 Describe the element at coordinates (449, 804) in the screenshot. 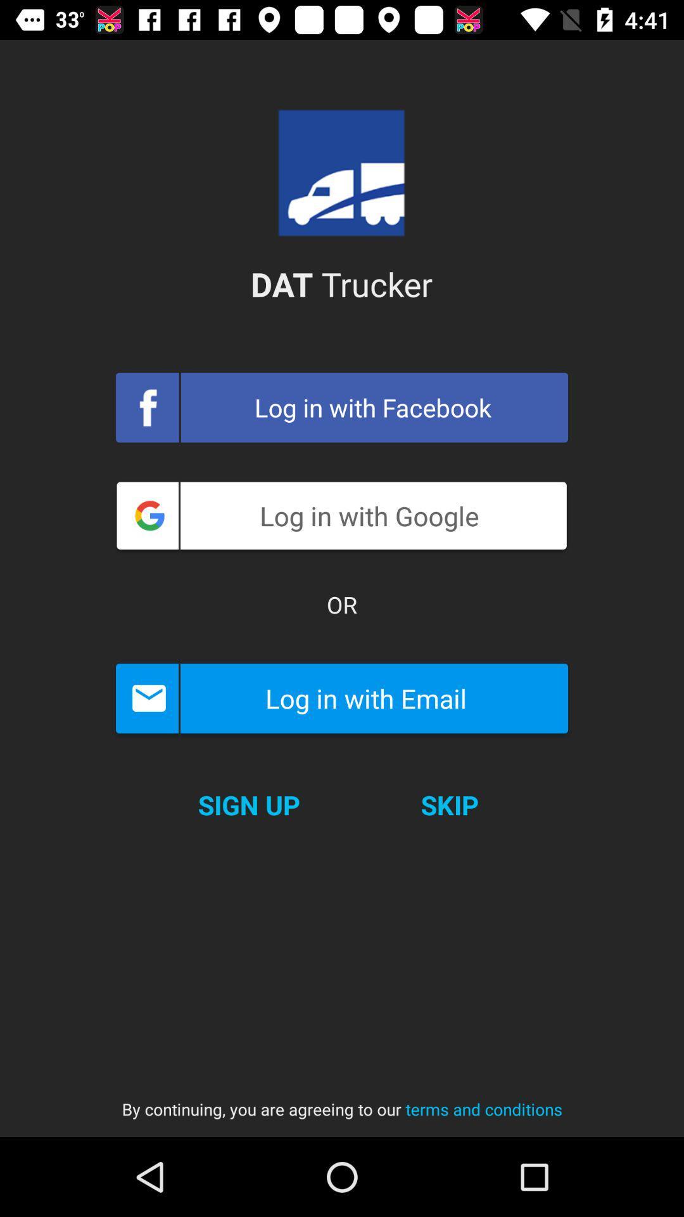

I see `the icon above by continuing you` at that location.